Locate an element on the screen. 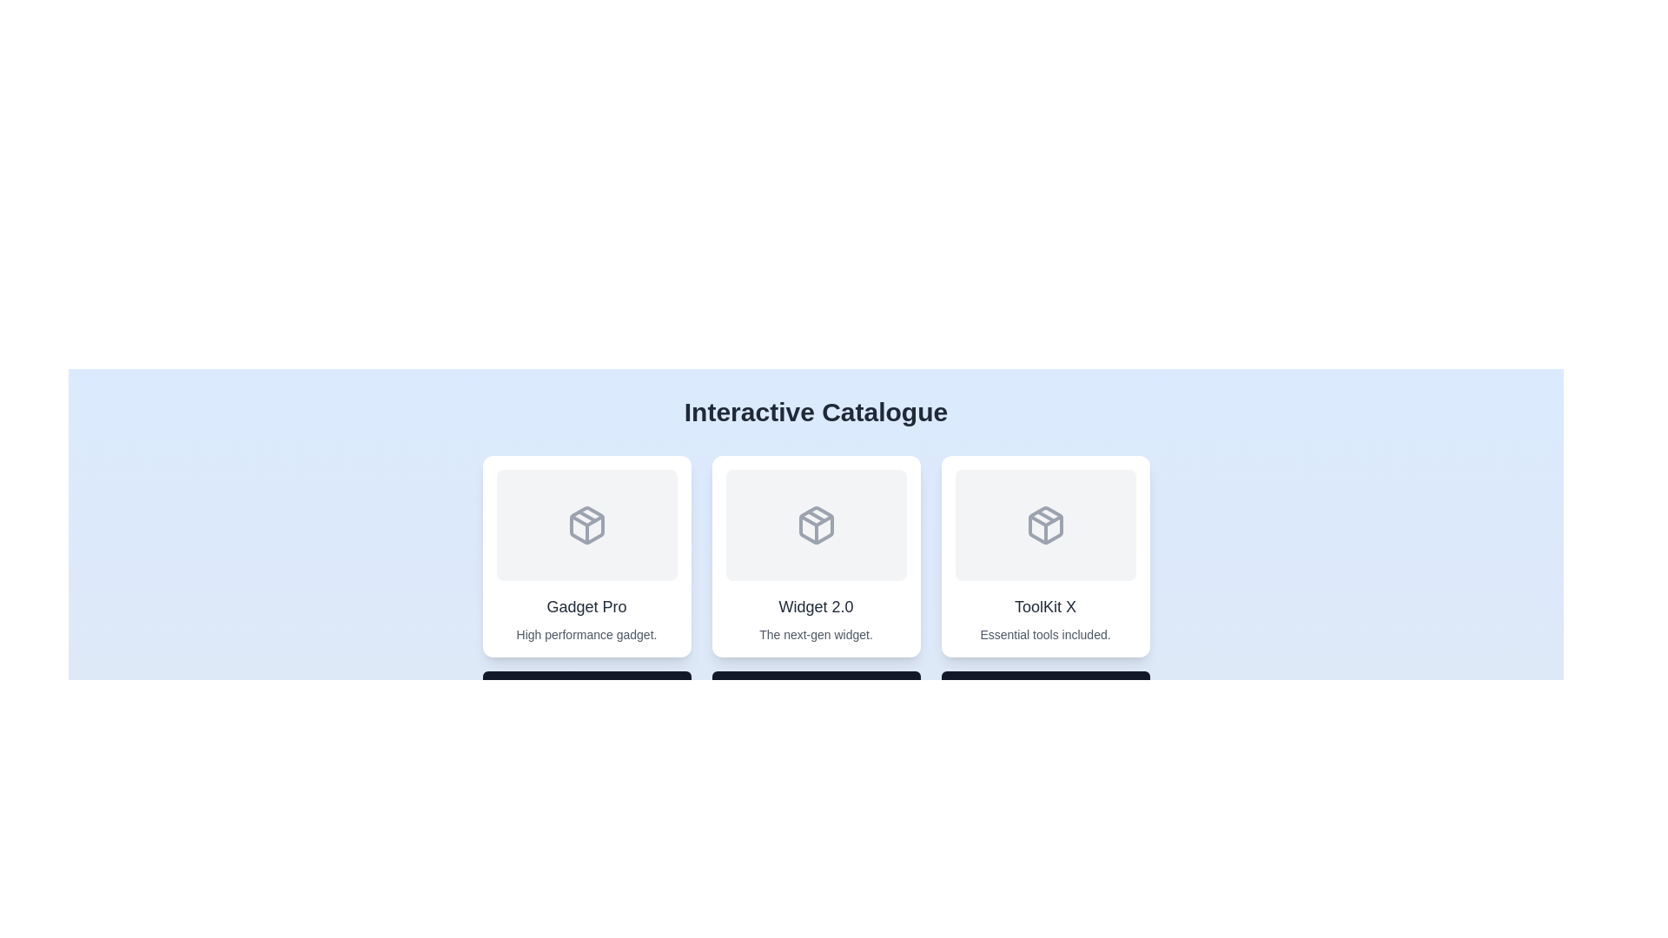  the central icon of the 'Widget 2.0' card, which serves as a visual representation within a three-card layout is located at coordinates (815, 525).